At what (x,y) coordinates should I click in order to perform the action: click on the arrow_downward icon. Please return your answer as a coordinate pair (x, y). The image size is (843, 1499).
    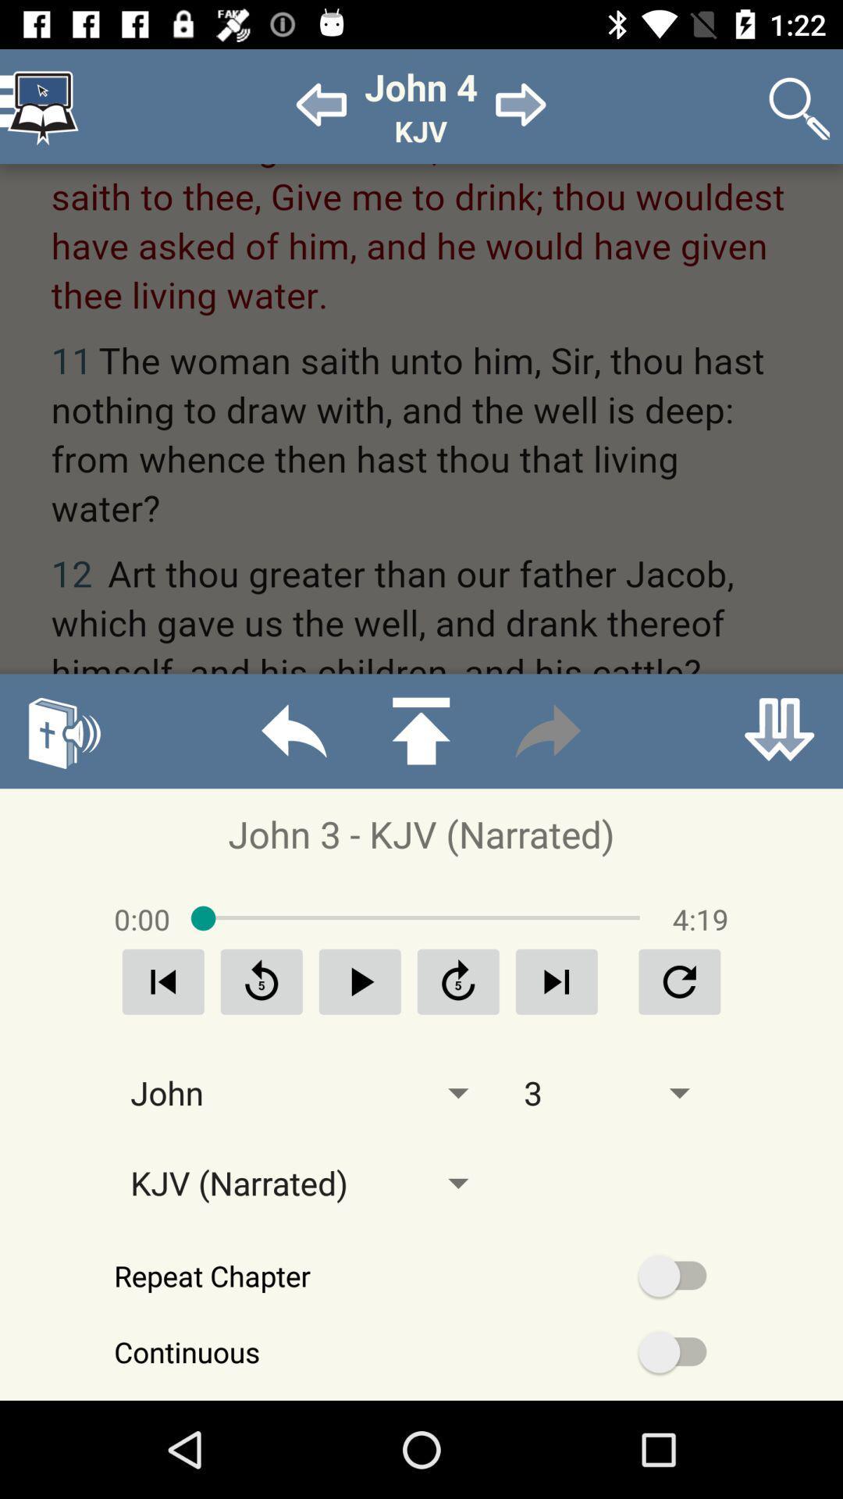
    Looking at the image, I should click on (779, 730).